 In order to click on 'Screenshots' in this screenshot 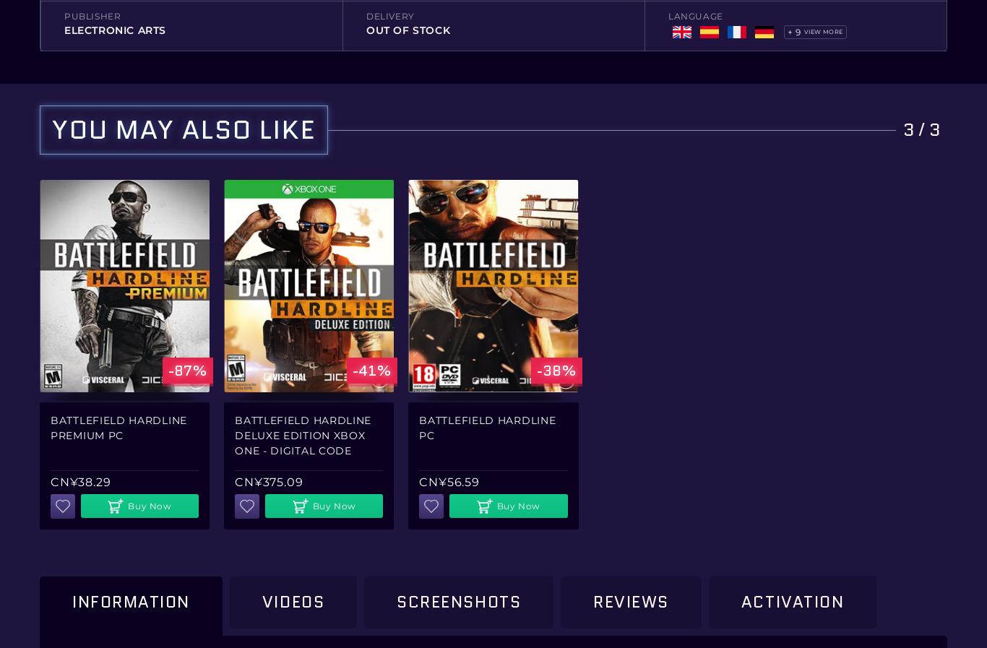, I will do `click(458, 601)`.